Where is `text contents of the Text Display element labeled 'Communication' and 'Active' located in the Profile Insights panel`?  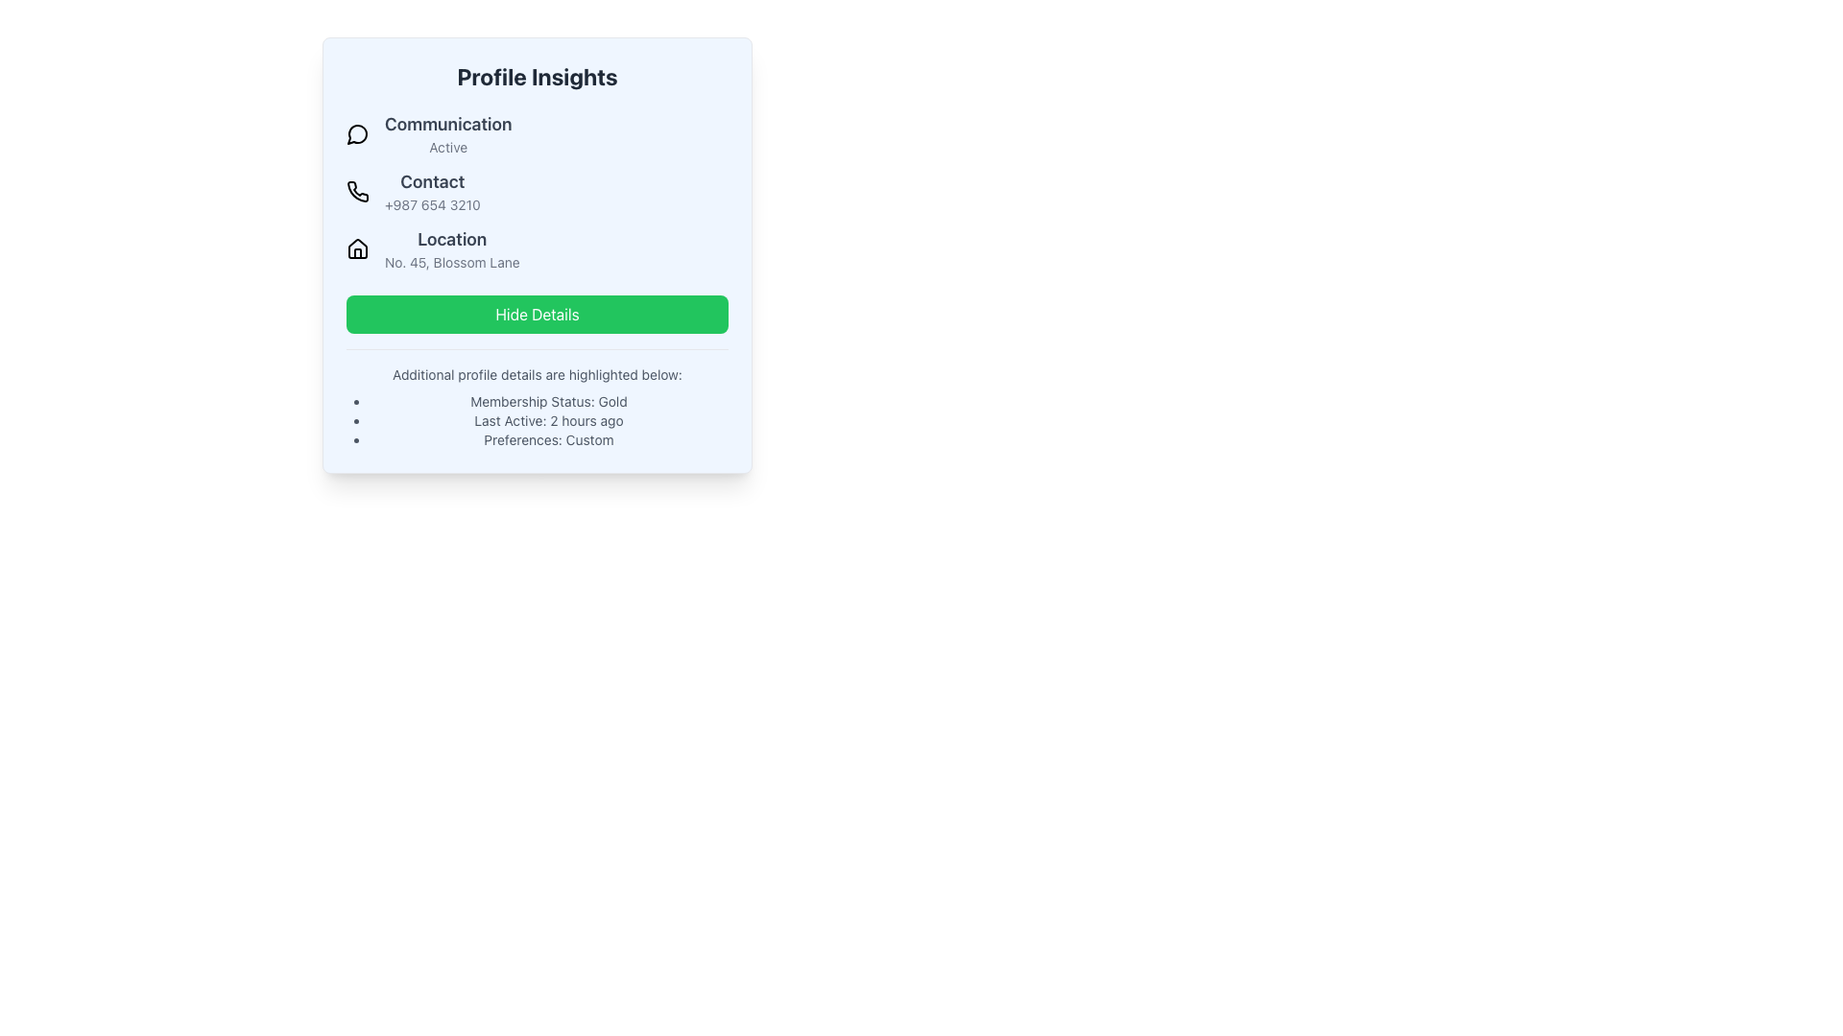
text contents of the Text Display element labeled 'Communication' and 'Active' located in the Profile Insights panel is located at coordinates (447, 132).